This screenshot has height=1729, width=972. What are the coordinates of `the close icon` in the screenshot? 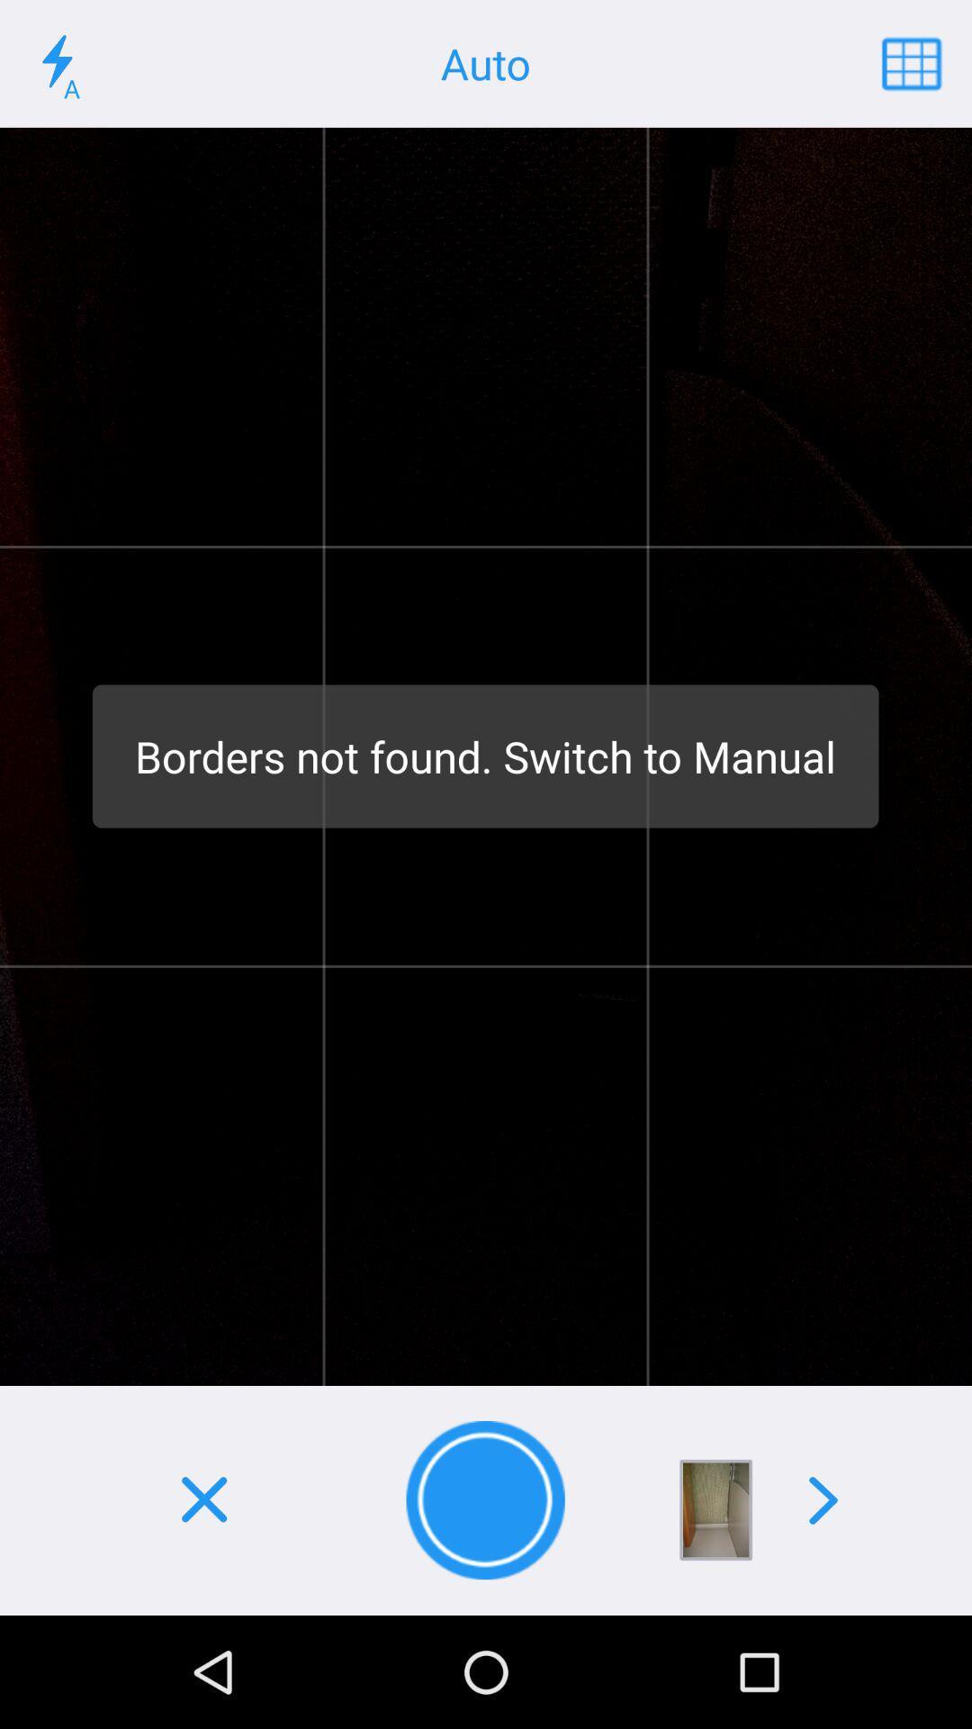 It's located at (202, 1500).